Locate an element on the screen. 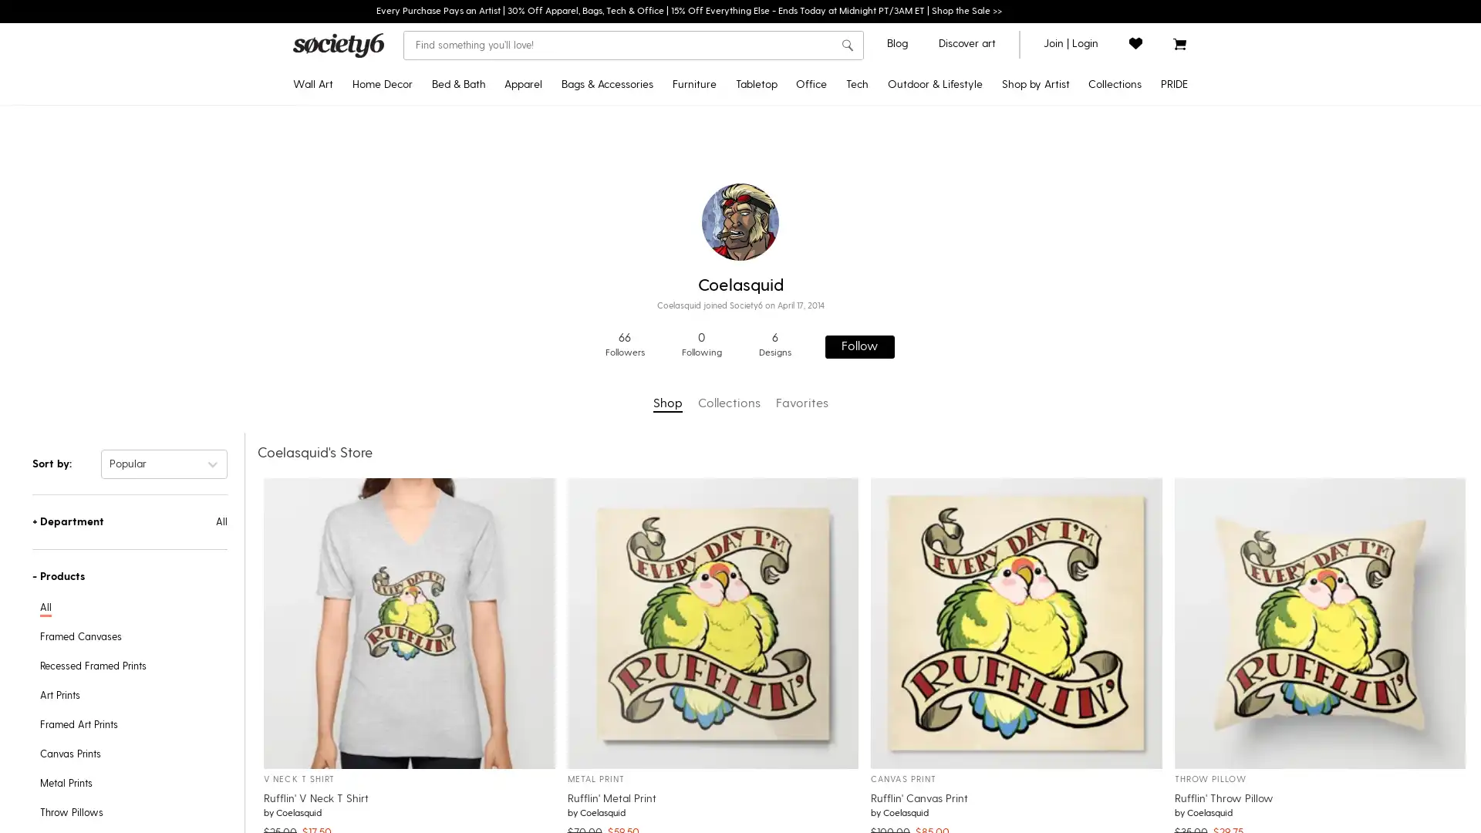  Pantone Color of 2022 is located at coordinates (1058, 272).